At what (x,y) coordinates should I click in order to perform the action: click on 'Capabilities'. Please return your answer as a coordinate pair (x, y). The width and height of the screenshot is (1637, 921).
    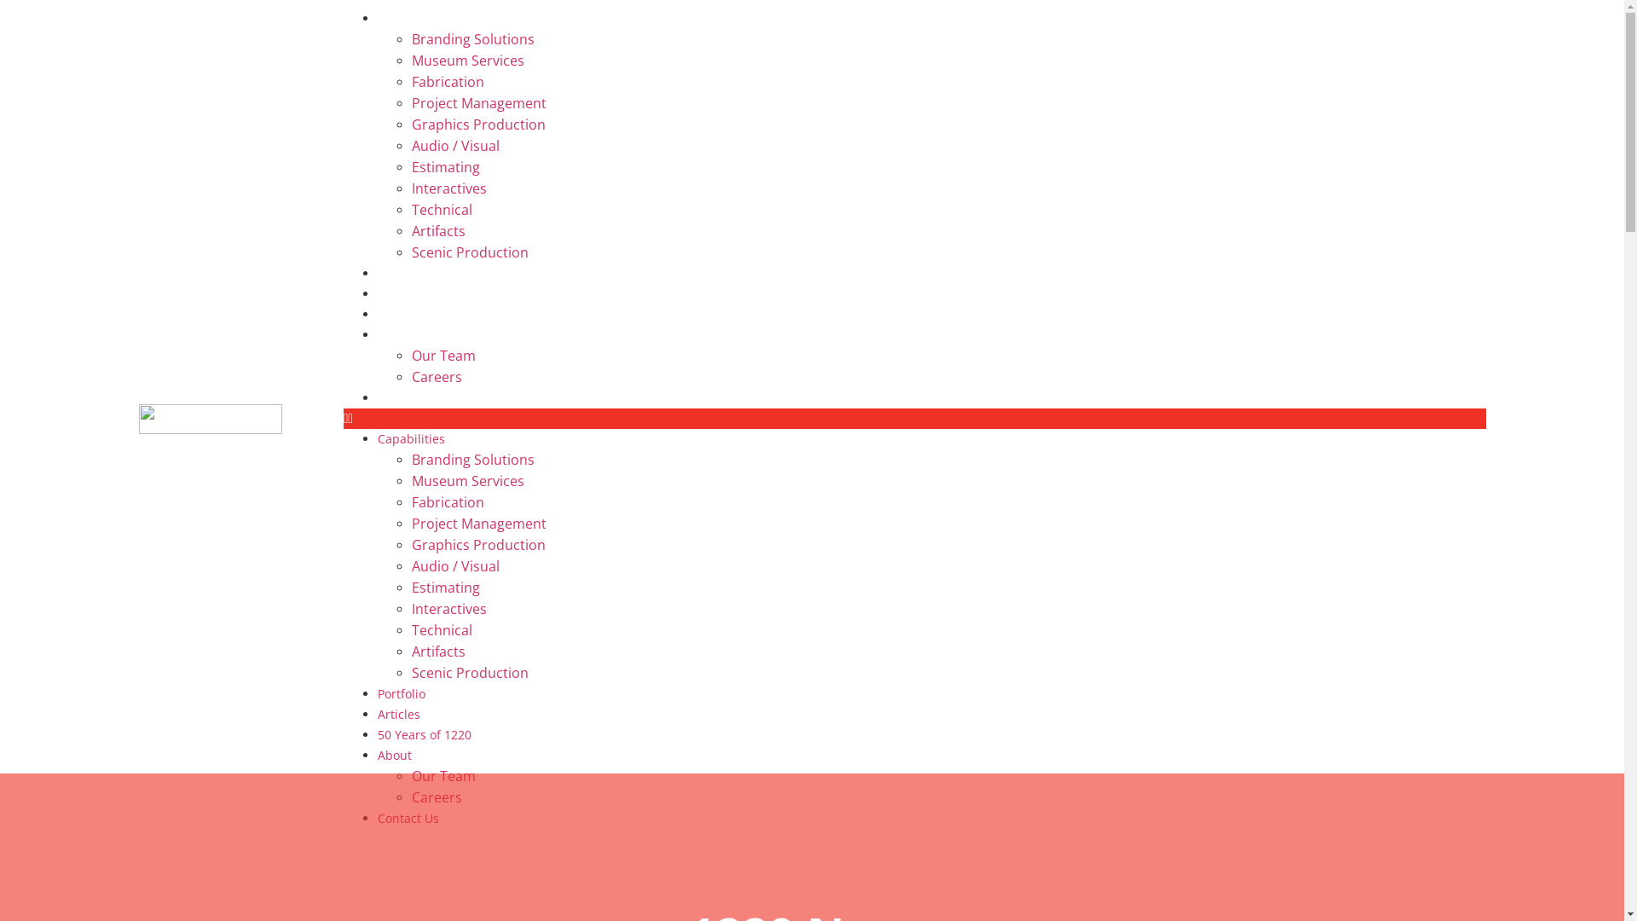
    Looking at the image, I should click on (410, 18).